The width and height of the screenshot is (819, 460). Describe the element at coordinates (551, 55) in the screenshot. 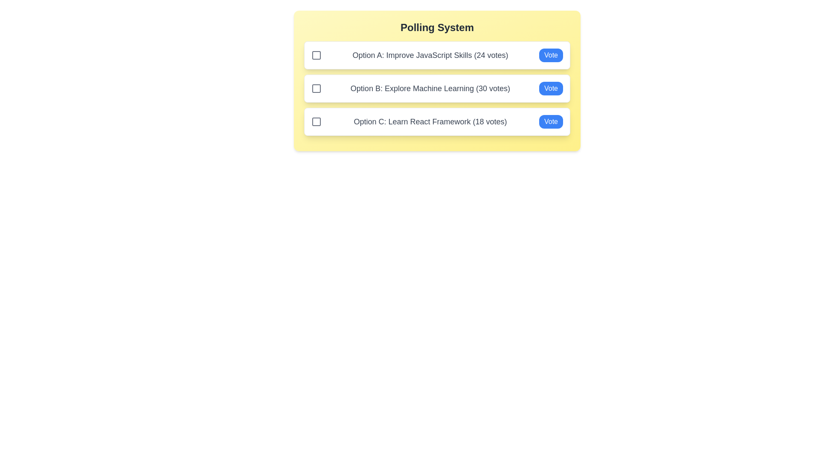

I see `the 'Vote' button for Option A to increase its vote count` at that location.